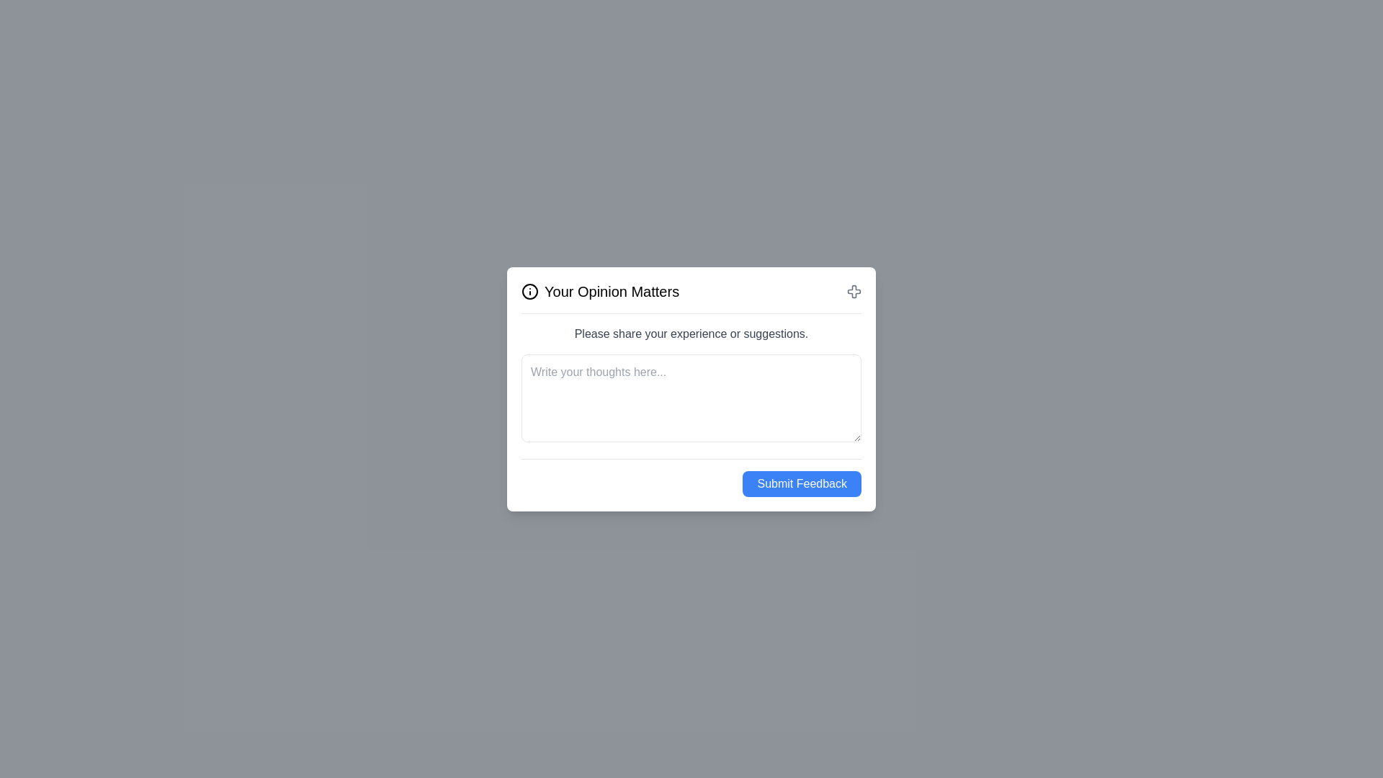 This screenshot has width=1383, height=778. Describe the element at coordinates (801, 483) in the screenshot. I see `the 'Submit Feedback' button` at that location.